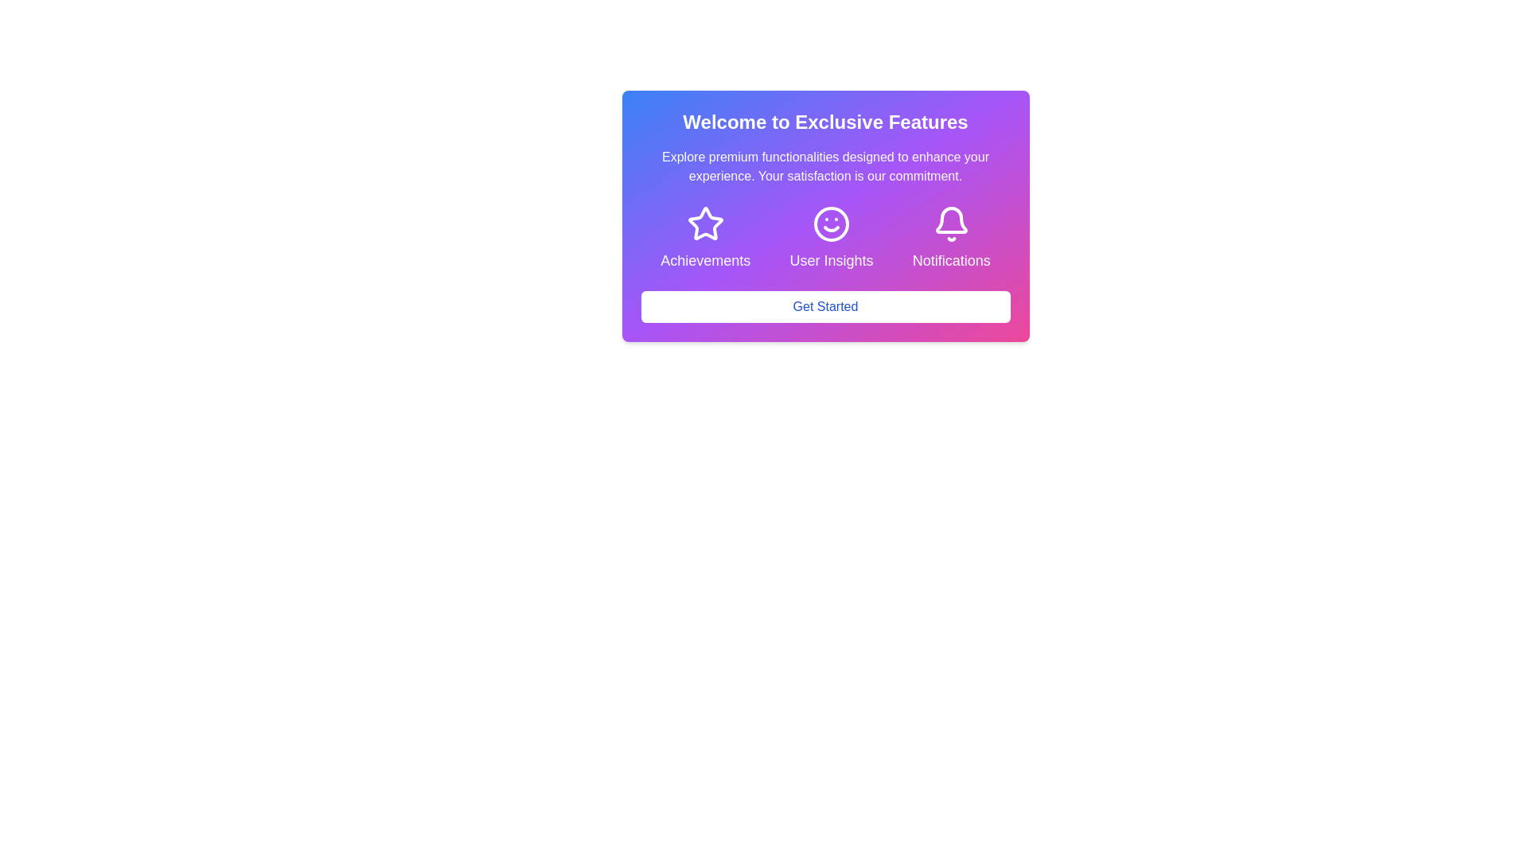 This screenshot has width=1528, height=859. Describe the element at coordinates (831, 223) in the screenshot. I see `the decorative circle element representing the outline of the smiley face icon that symbolizes 'User Insights', positioned centrally between the 'Achievements' and 'Notifications' icons` at that location.